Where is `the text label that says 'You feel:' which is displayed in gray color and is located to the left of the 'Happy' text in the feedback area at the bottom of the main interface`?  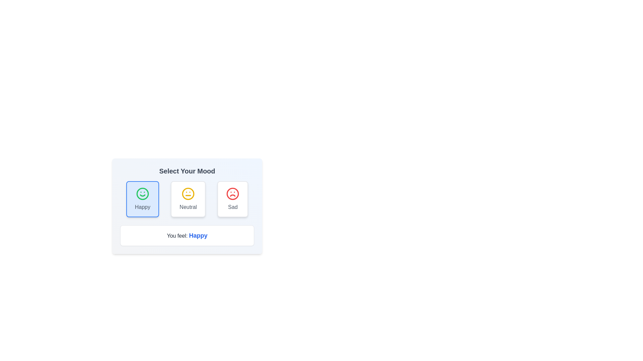
the text label that says 'You feel:' which is displayed in gray color and is located to the left of the 'Happy' text in the feedback area at the bottom of the main interface is located at coordinates (178, 235).